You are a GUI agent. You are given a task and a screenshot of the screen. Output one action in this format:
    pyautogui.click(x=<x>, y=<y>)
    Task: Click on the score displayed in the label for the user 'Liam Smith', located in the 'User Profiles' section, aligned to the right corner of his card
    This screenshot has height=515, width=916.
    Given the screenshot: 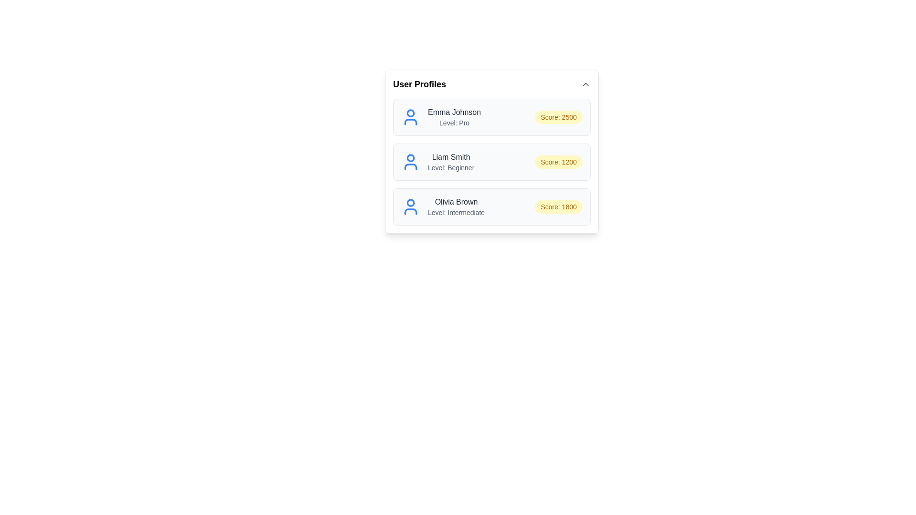 What is the action you would take?
    pyautogui.click(x=559, y=161)
    